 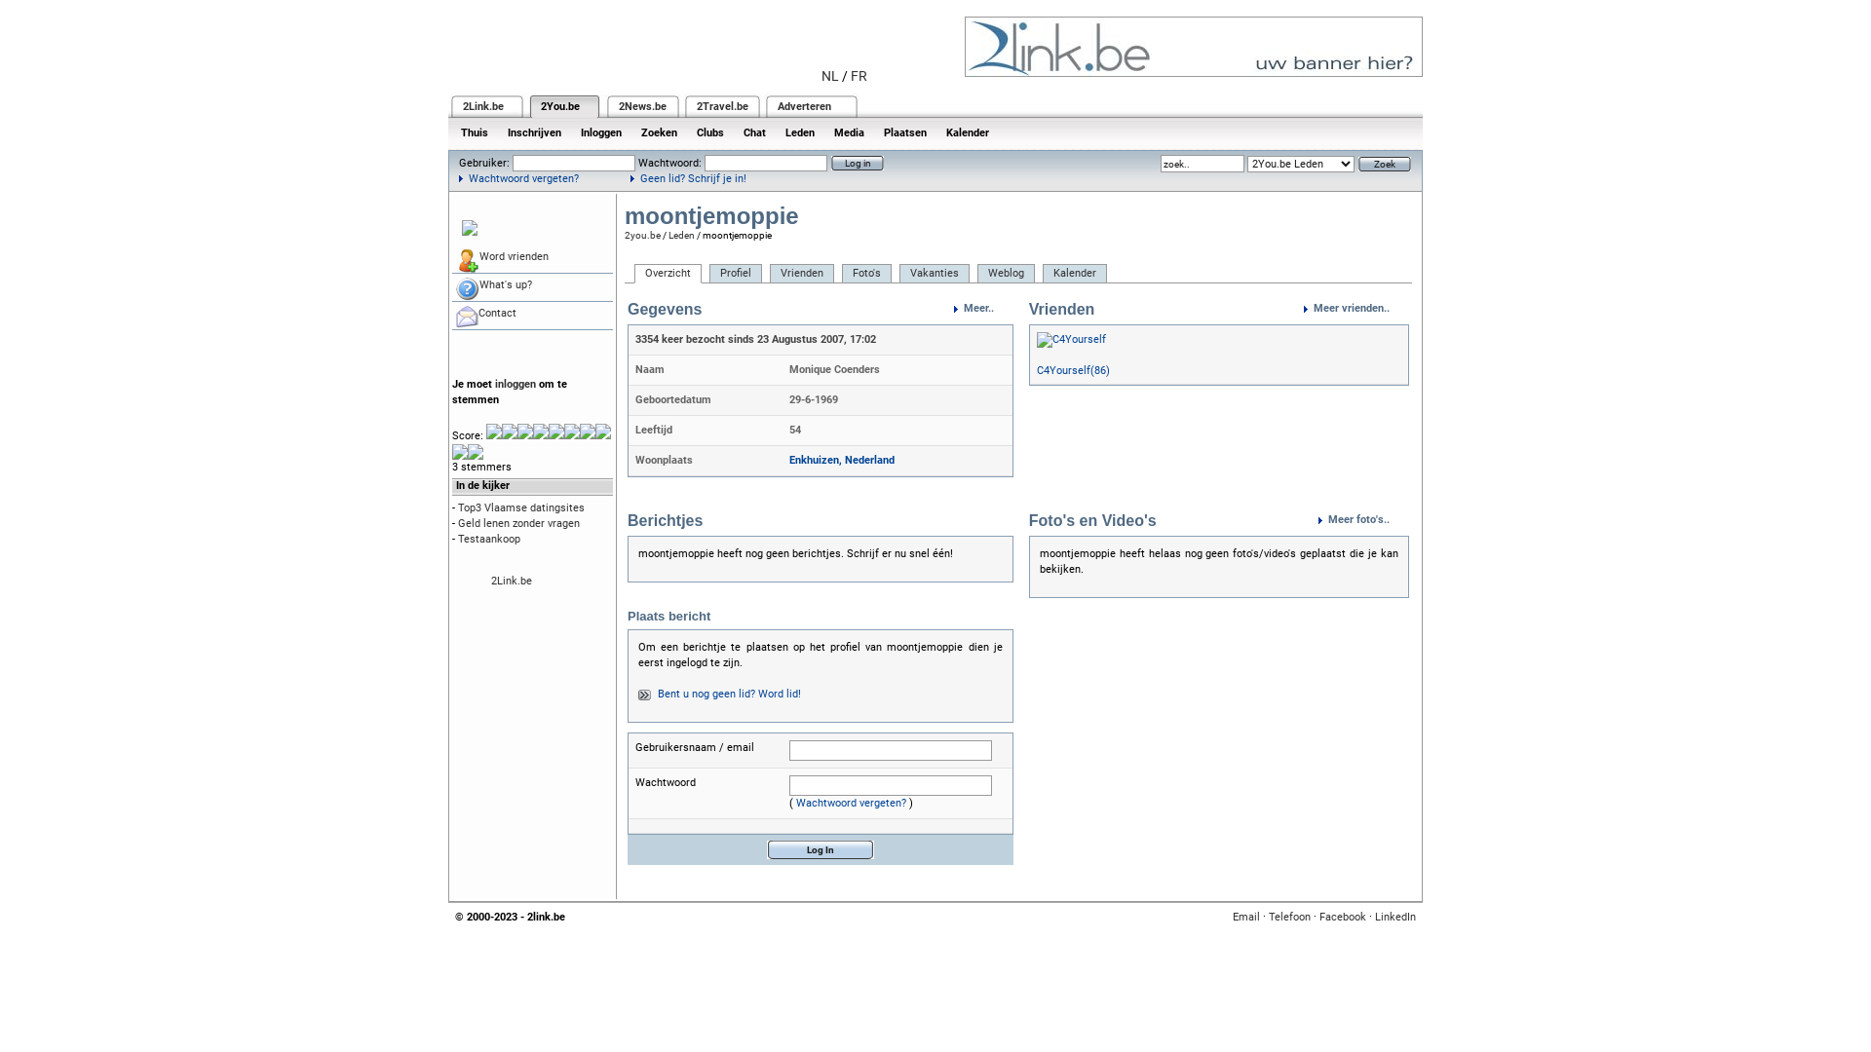 What do you see at coordinates (1006, 274) in the screenshot?
I see `'Weblog'` at bounding box center [1006, 274].